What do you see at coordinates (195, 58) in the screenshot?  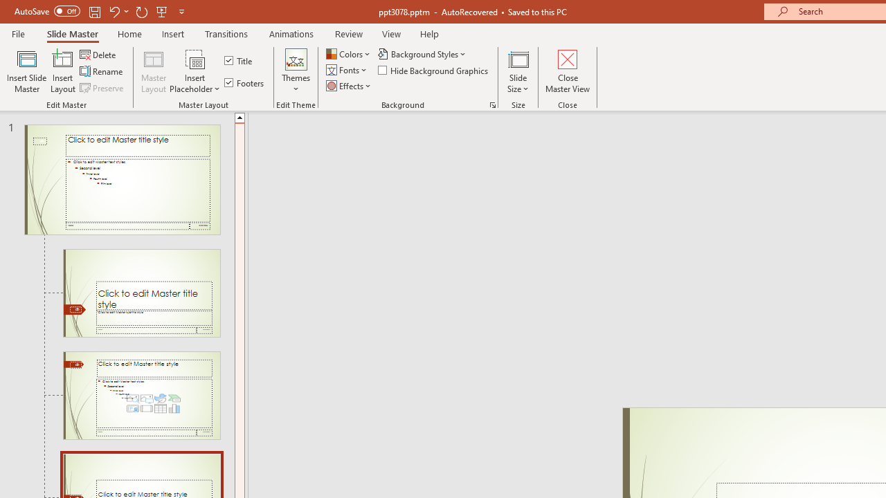 I see `'Content'` at bounding box center [195, 58].